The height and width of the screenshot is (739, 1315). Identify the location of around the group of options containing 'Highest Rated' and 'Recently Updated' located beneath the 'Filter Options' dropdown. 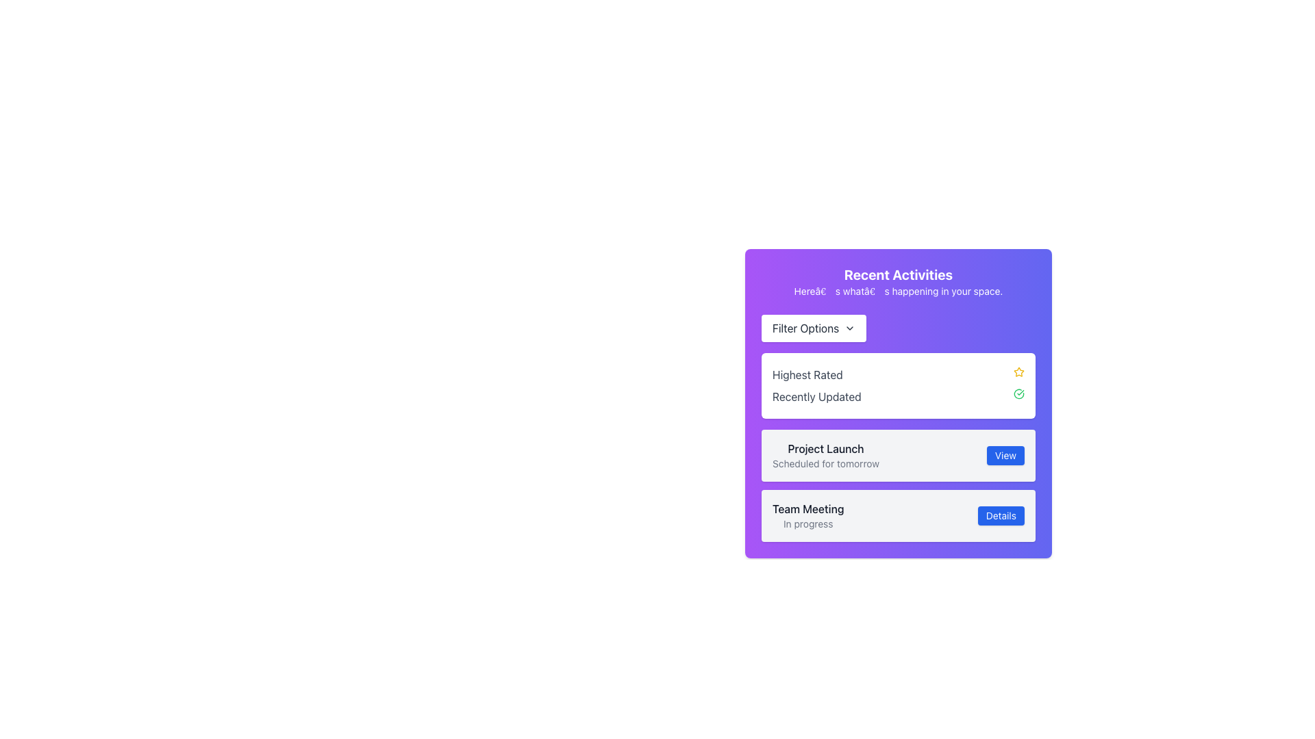
(898, 366).